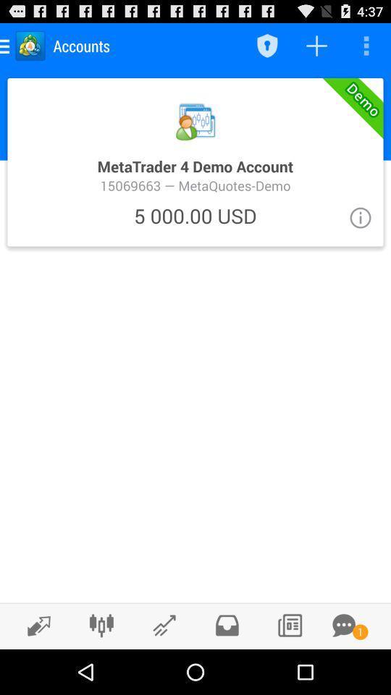  Describe the element at coordinates (195, 161) in the screenshot. I see `open the metatrade screen` at that location.